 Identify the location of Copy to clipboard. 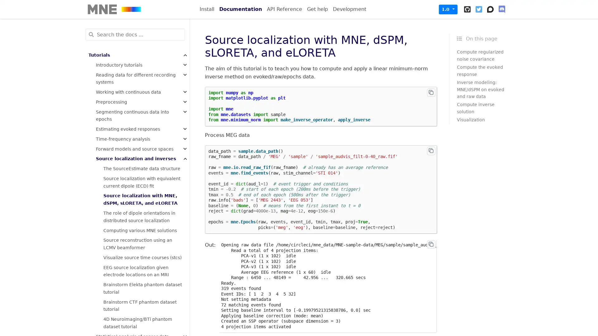
(430, 151).